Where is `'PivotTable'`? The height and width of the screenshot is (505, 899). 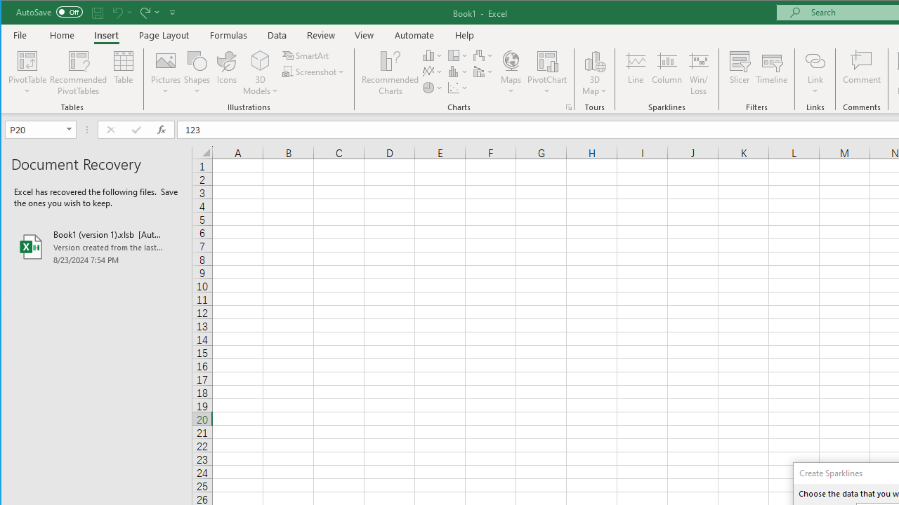
'PivotTable' is located at coordinates (27, 73).